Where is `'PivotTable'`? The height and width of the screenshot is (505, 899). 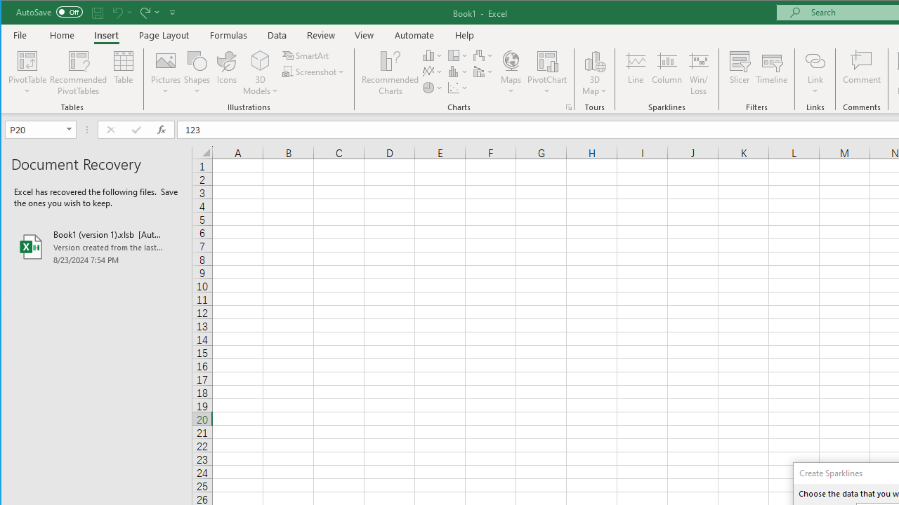
'PivotTable' is located at coordinates (27, 73).